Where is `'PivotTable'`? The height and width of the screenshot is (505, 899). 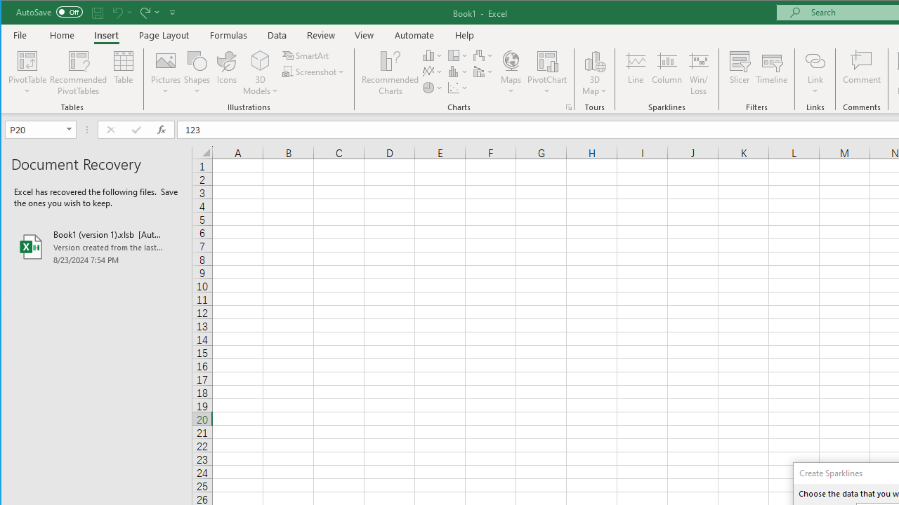
'PivotTable' is located at coordinates (27, 73).